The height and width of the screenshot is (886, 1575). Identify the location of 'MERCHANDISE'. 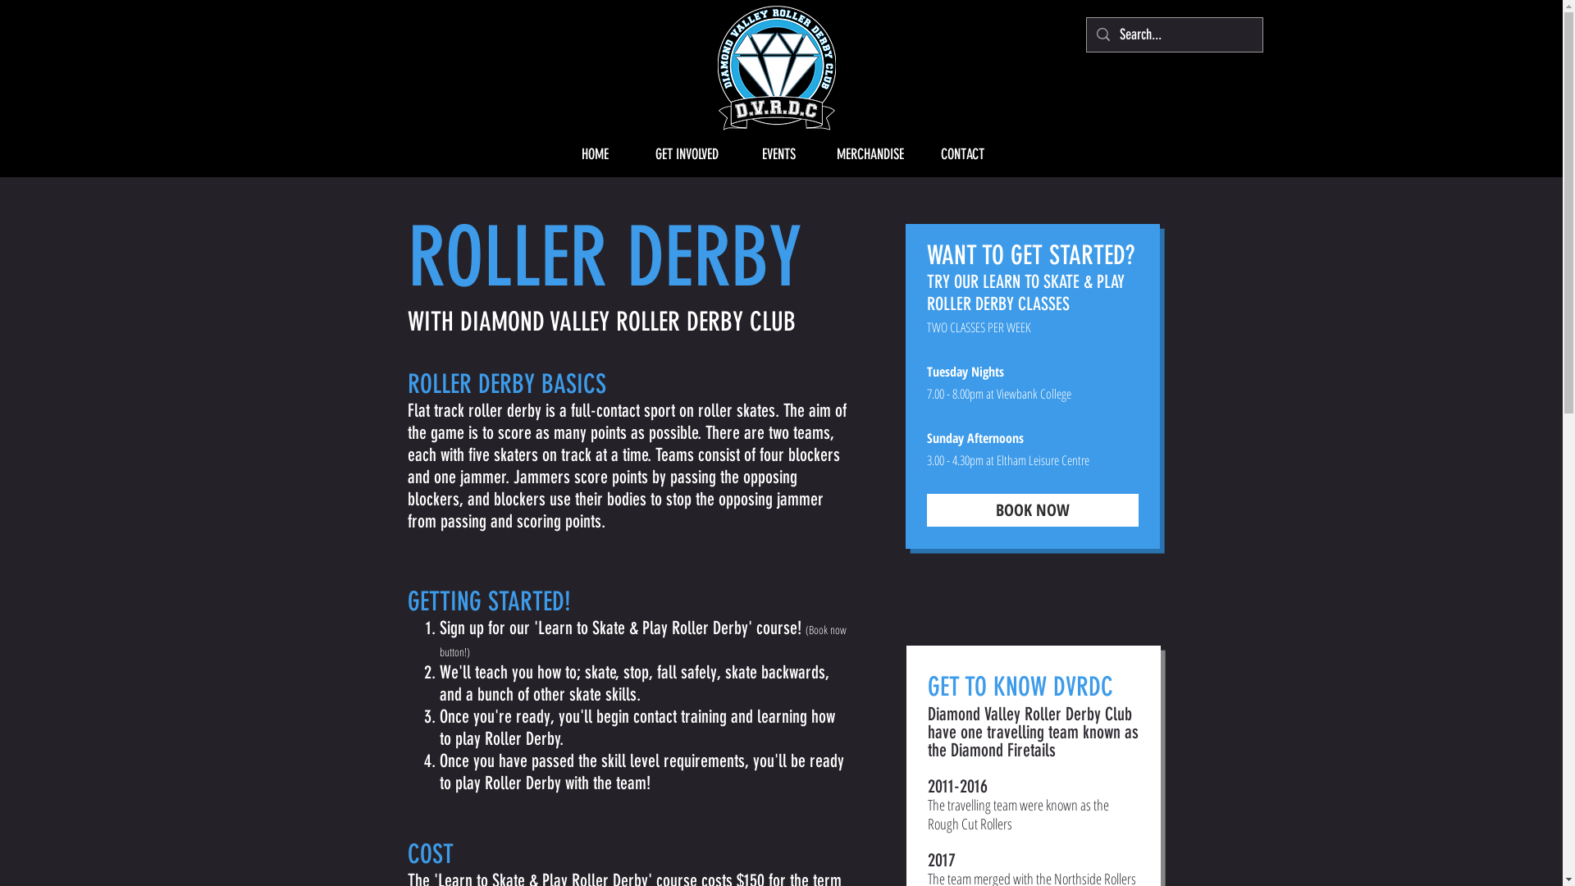
(824, 154).